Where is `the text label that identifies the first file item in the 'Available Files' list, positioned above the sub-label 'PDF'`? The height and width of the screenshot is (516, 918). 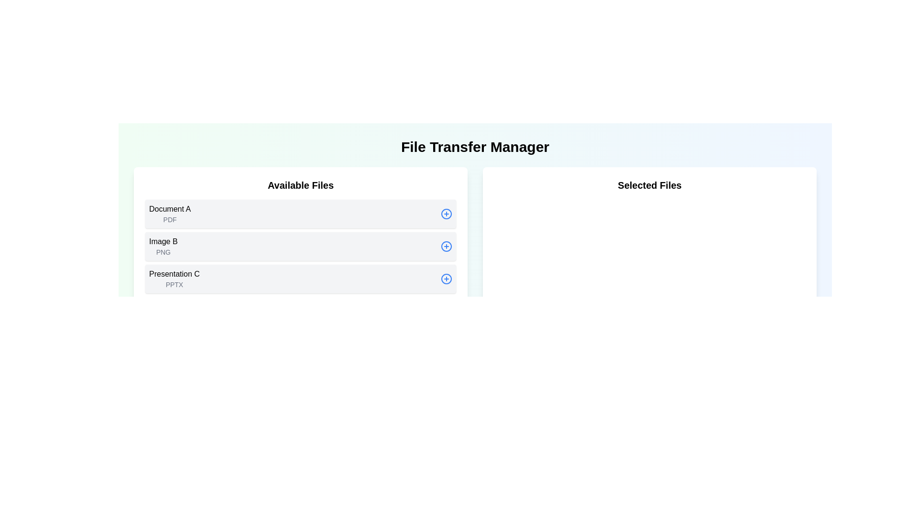
the text label that identifies the first file item in the 'Available Files' list, positioned above the sub-label 'PDF' is located at coordinates (170, 208).